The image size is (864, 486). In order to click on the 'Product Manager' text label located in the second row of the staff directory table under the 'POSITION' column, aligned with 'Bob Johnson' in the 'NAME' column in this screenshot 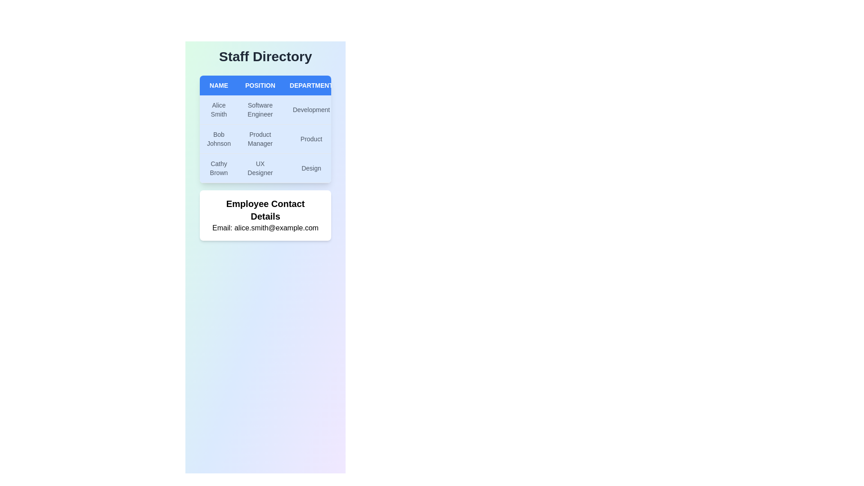, I will do `click(260, 139)`.